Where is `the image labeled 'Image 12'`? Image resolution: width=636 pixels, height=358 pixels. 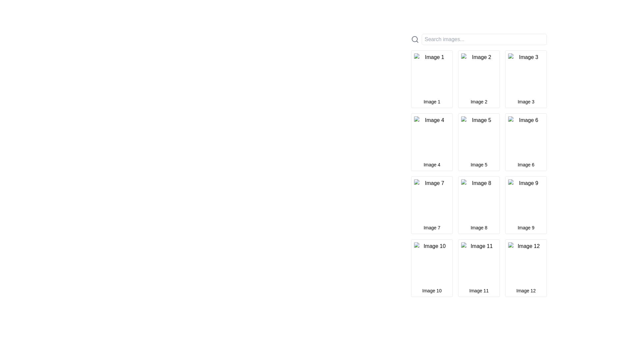
the image labeled 'Image 12' is located at coordinates (526, 263).